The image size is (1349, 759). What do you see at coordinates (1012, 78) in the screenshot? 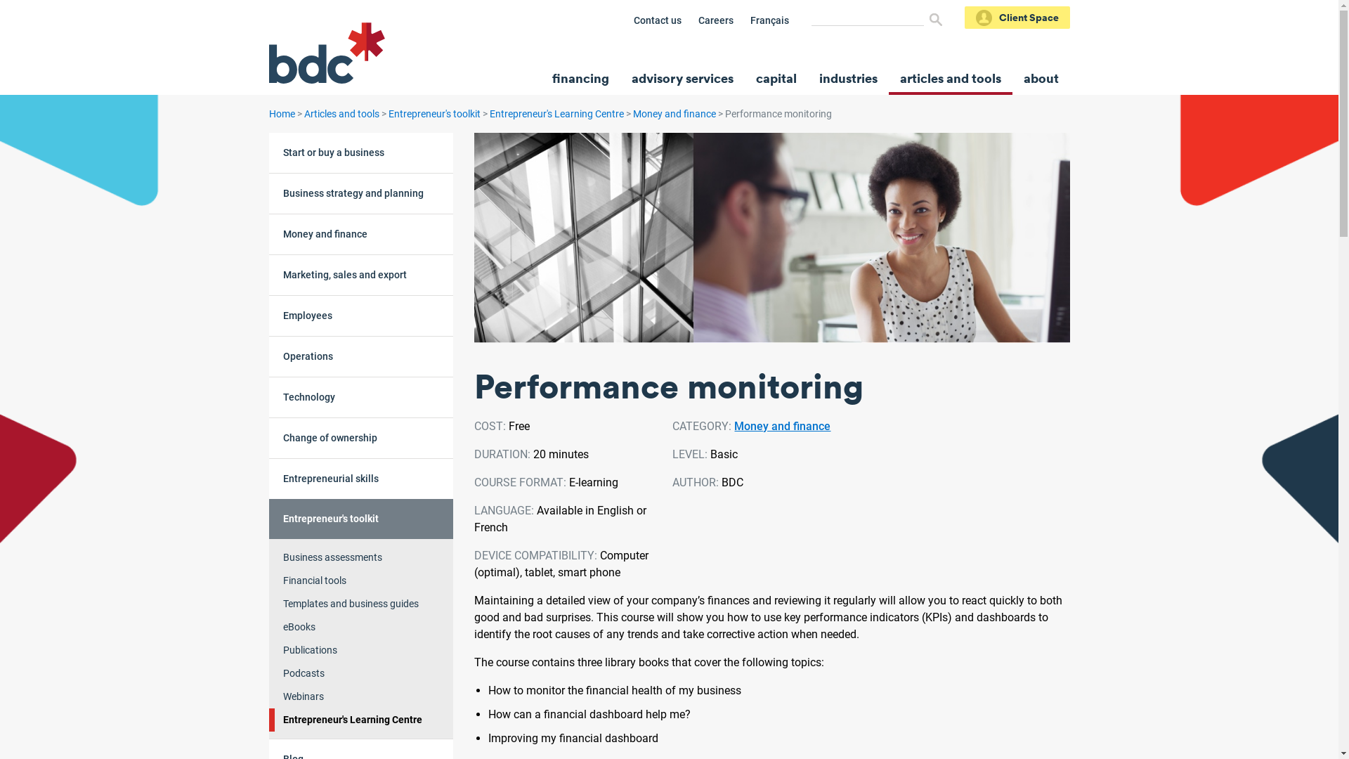
I see `'about'` at bounding box center [1012, 78].